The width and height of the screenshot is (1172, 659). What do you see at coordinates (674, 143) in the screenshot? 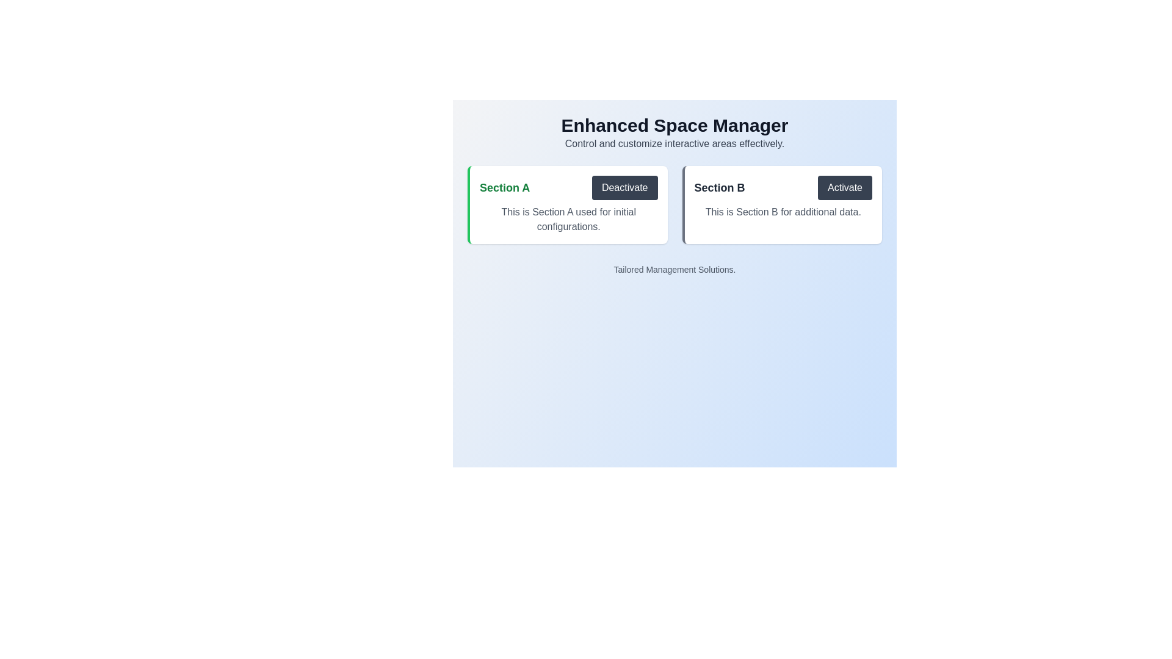
I see `static text that says 'Control and customize interactive areas effectively.' located directly below the header 'Enhanced Space Manager'` at bounding box center [674, 143].